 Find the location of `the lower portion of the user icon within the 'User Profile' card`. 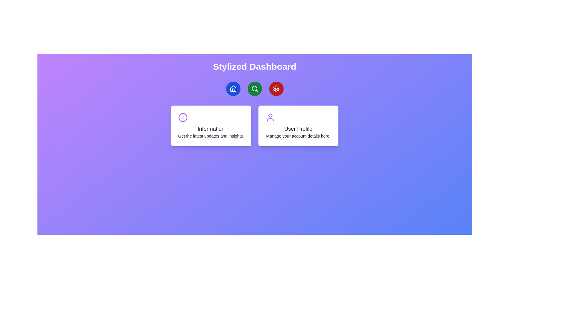

the lower portion of the user icon within the 'User Profile' card is located at coordinates (270, 120).